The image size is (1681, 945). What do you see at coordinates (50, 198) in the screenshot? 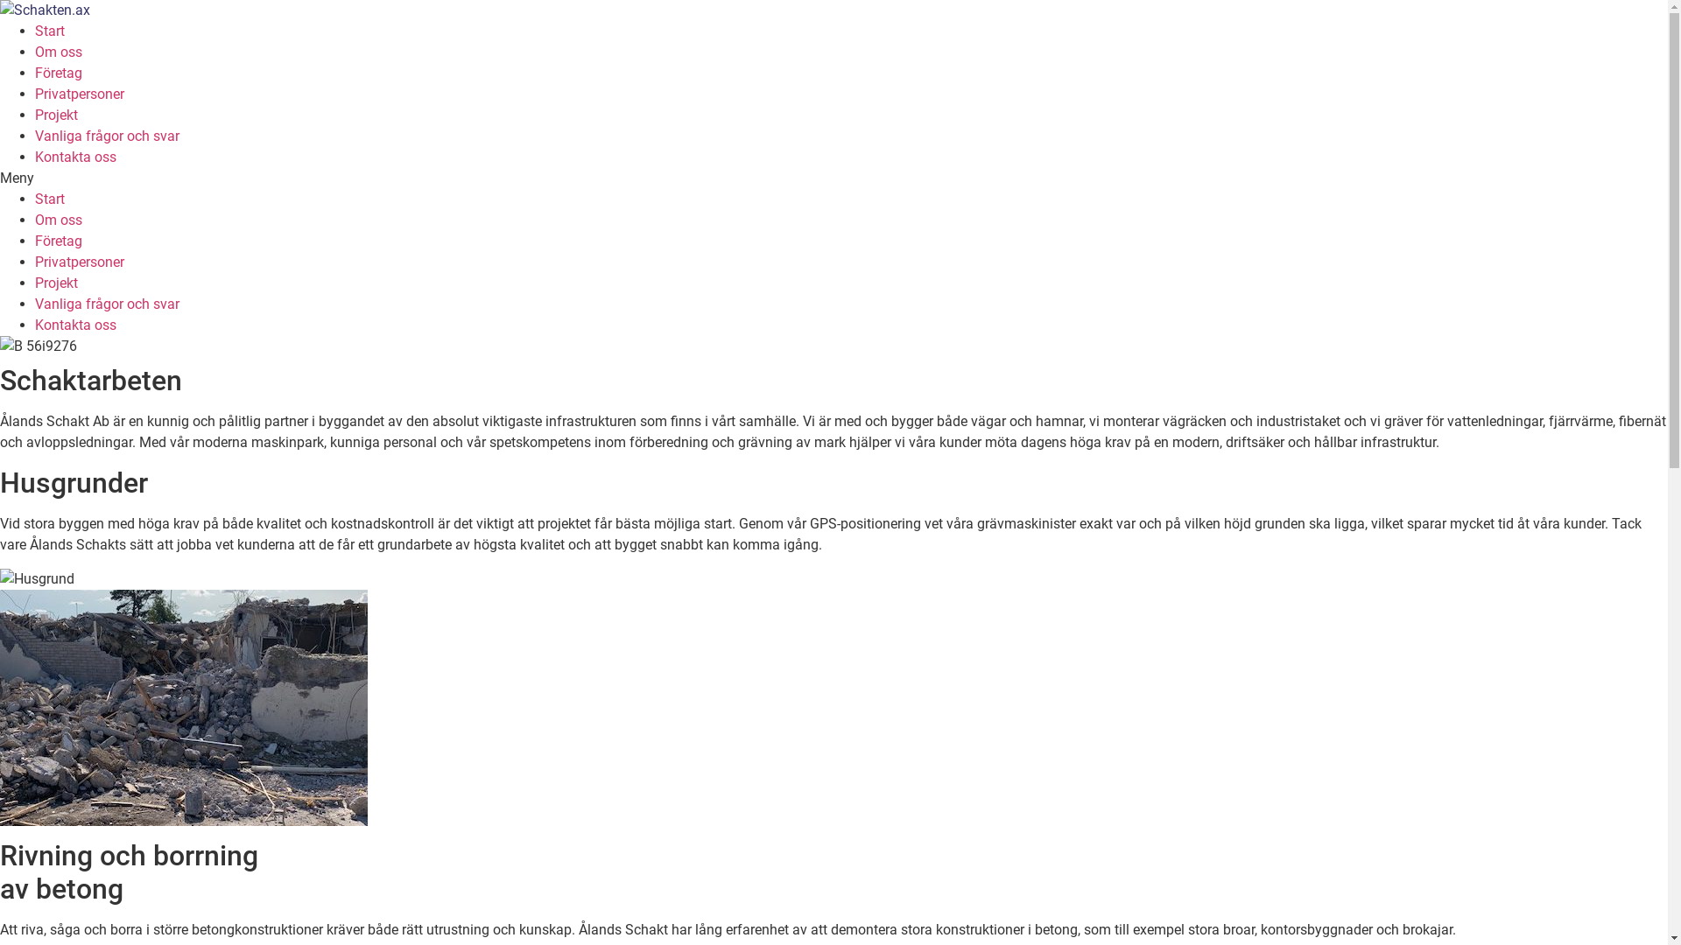
I see `'Start'` at bounding box center [50, 198].